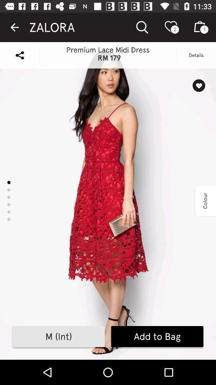 The width and height of the screenshot is (216, 385). I want to click on icon below the details, so click(198, 85).